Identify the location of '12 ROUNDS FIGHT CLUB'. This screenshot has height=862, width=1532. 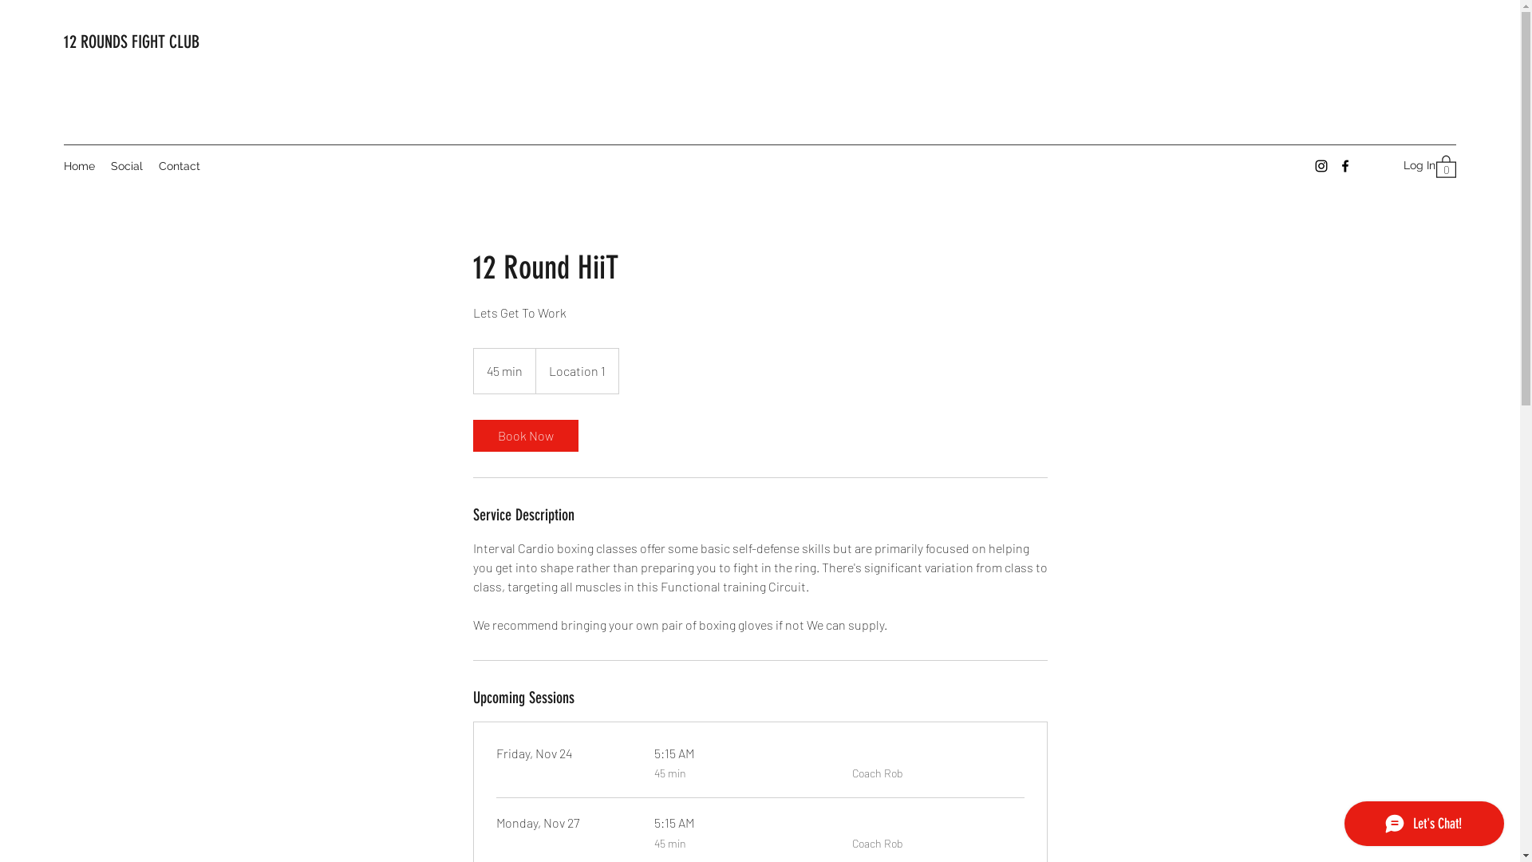
(64, 41).